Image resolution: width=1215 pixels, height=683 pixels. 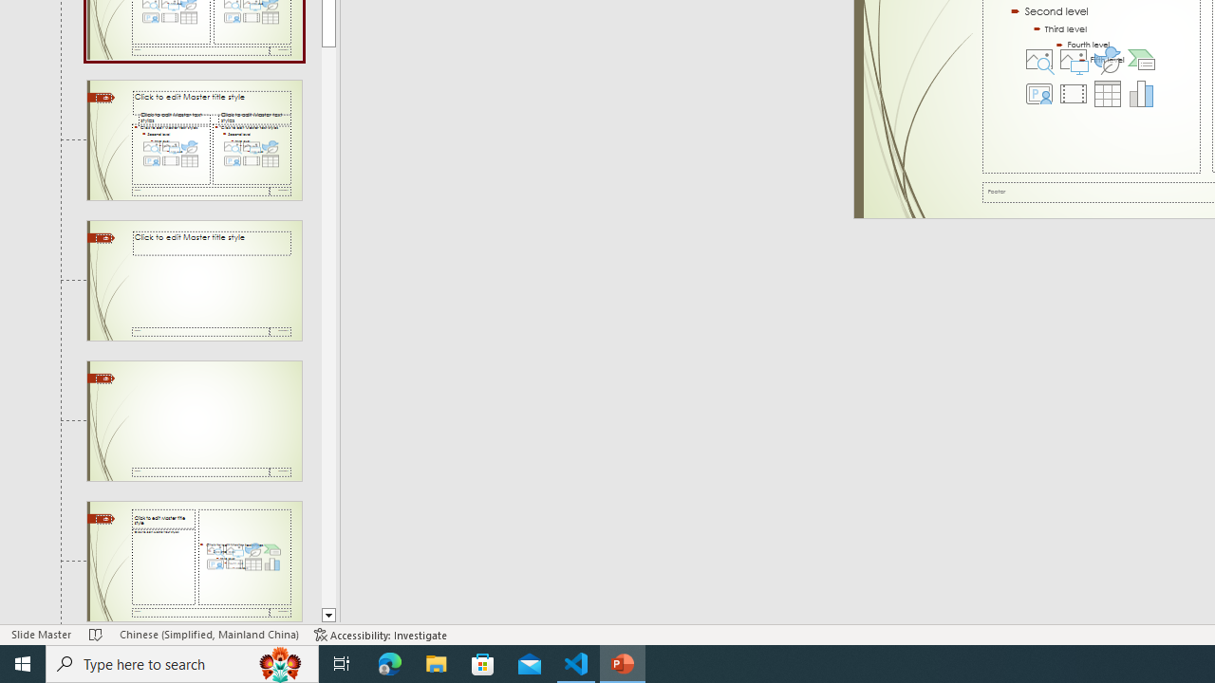 What do you see at coordinates (1140, 94) in the screenshot?
I see `'Insert Chart'` at bounding box center [1140, 94].